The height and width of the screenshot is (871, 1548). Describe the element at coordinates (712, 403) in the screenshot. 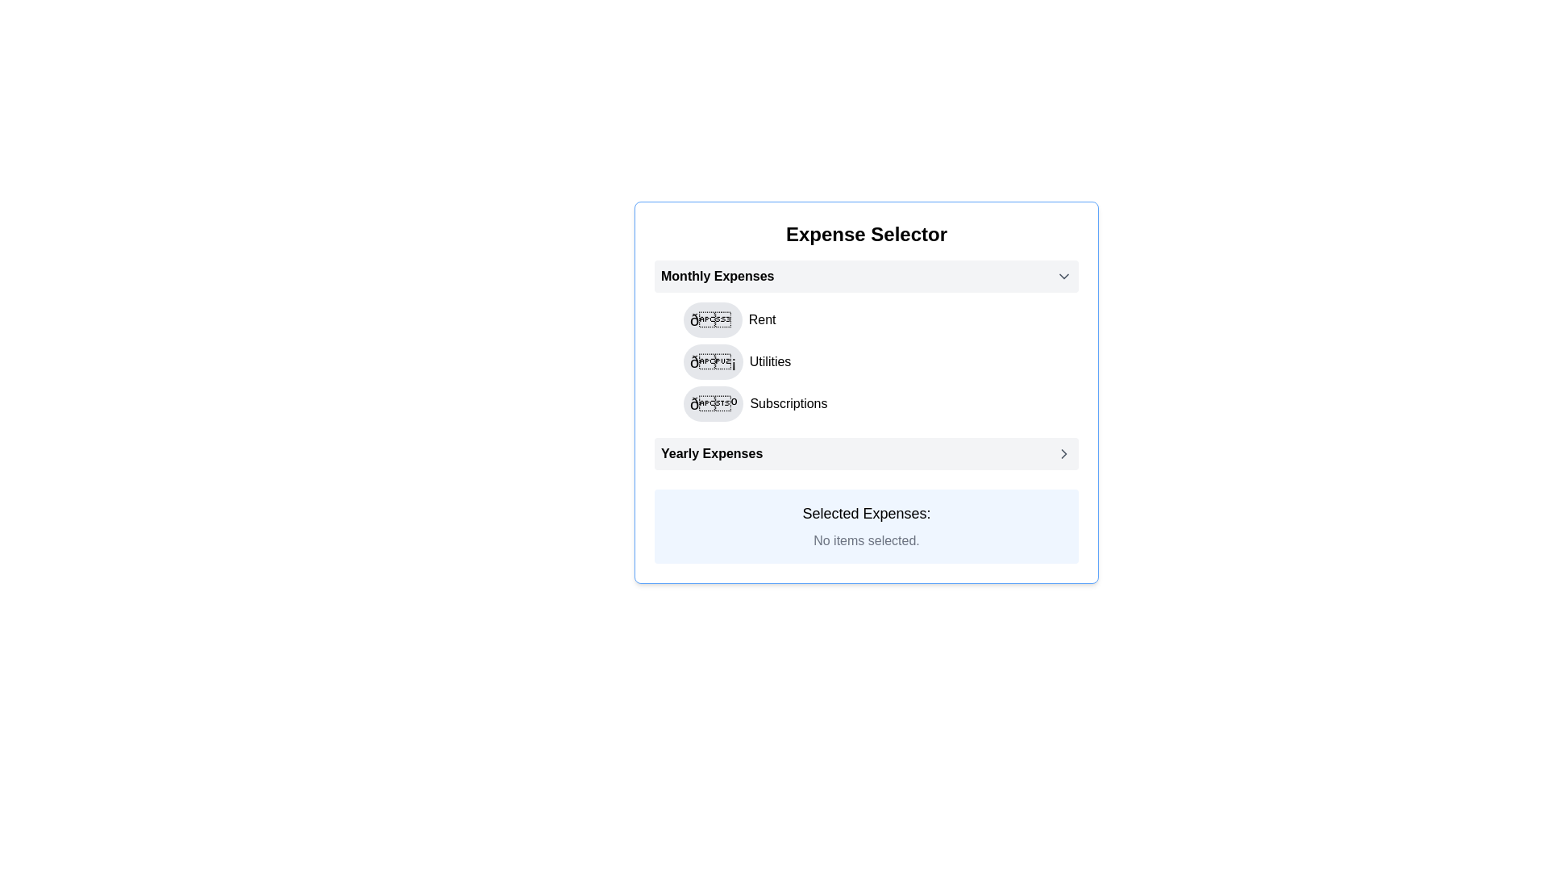

I see `the button with a gray background and an emoji (📒) located in the third row under 'Monthly Expenses', to the left of 'Subscriptions'` at that location.